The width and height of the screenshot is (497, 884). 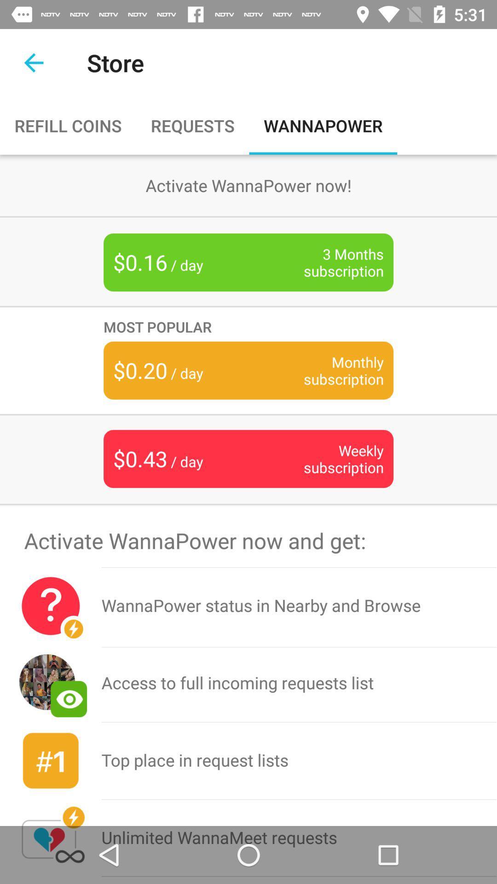 I want to click on item below activate wannapower now icon, so click(x=299, y=606).